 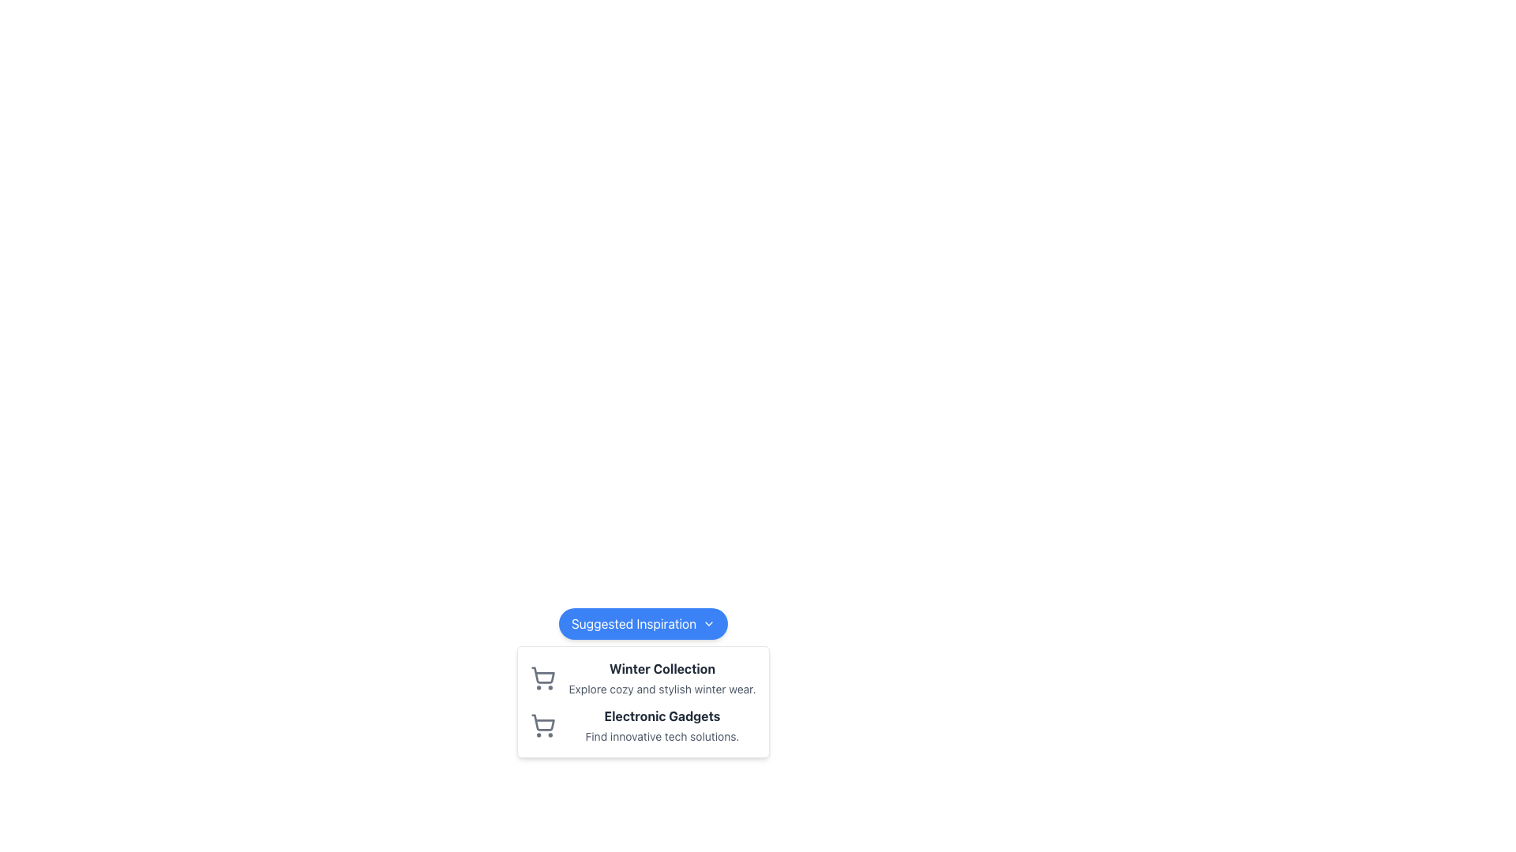 I want to click on the 'Winter Collection' section, which features a bold title and a shopping cart icon, so click(x=644, y=678).